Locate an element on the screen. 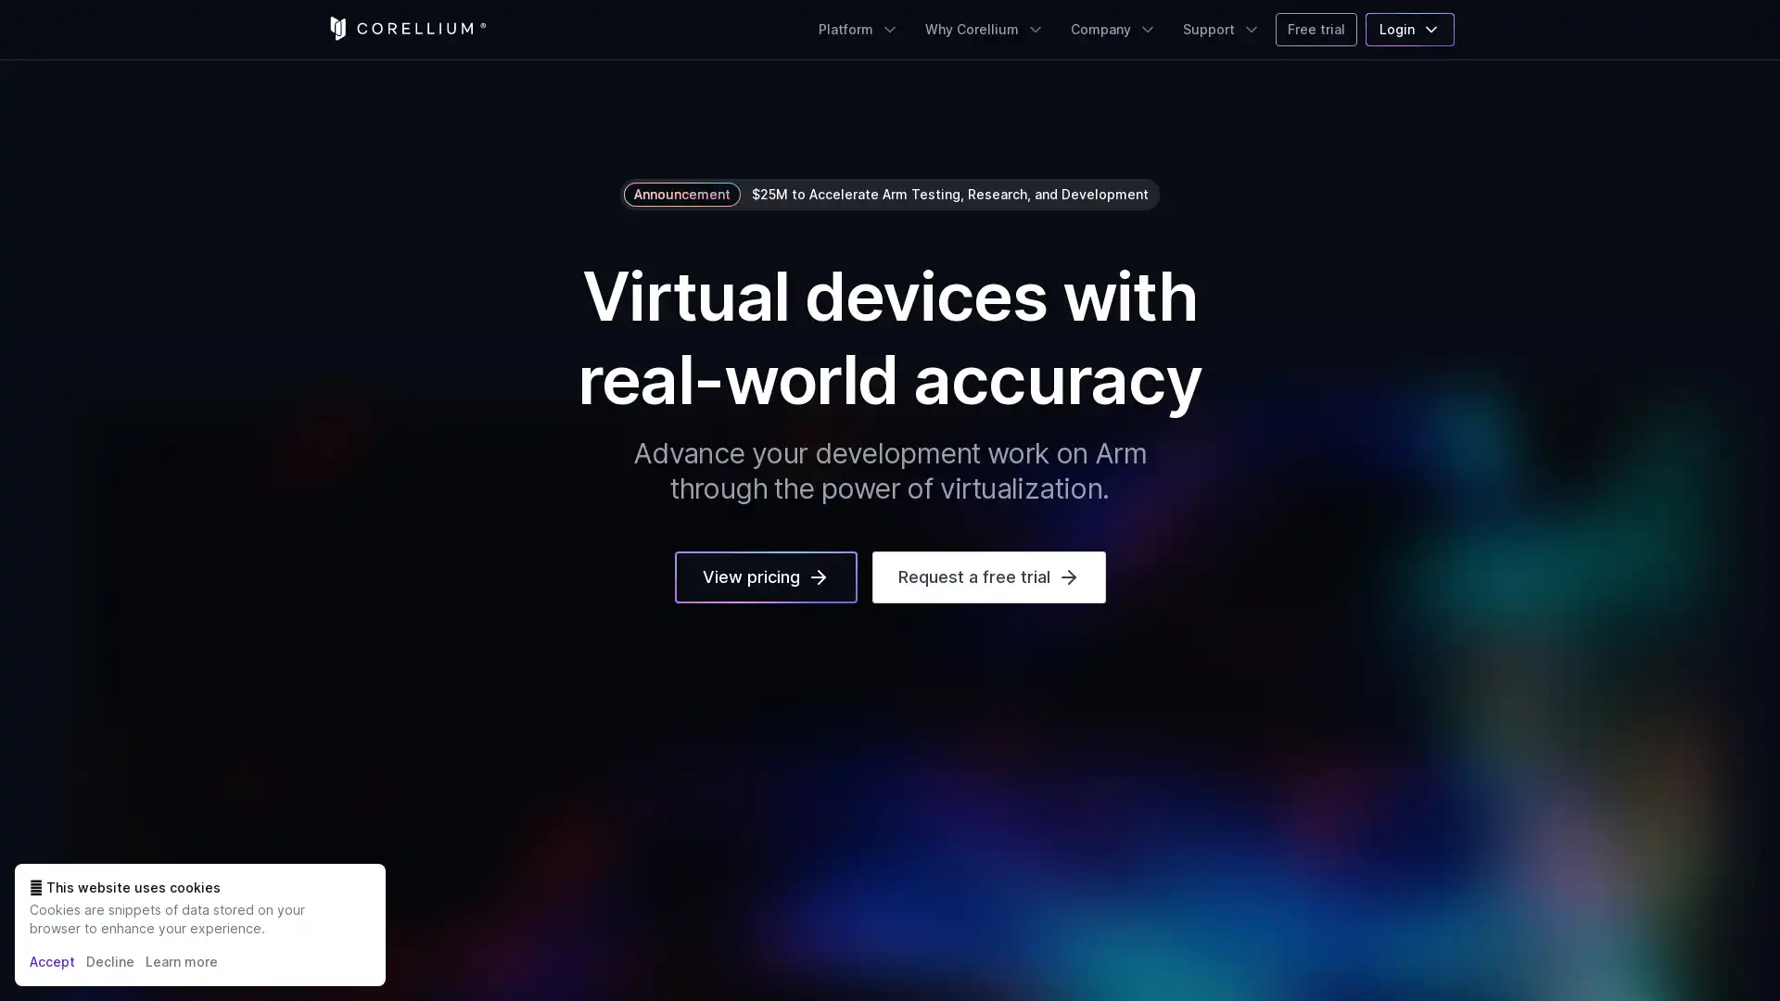 Image resolution: width=1780 pixels, height=1001 pixels. Platform is located at coordinates (858, 29).